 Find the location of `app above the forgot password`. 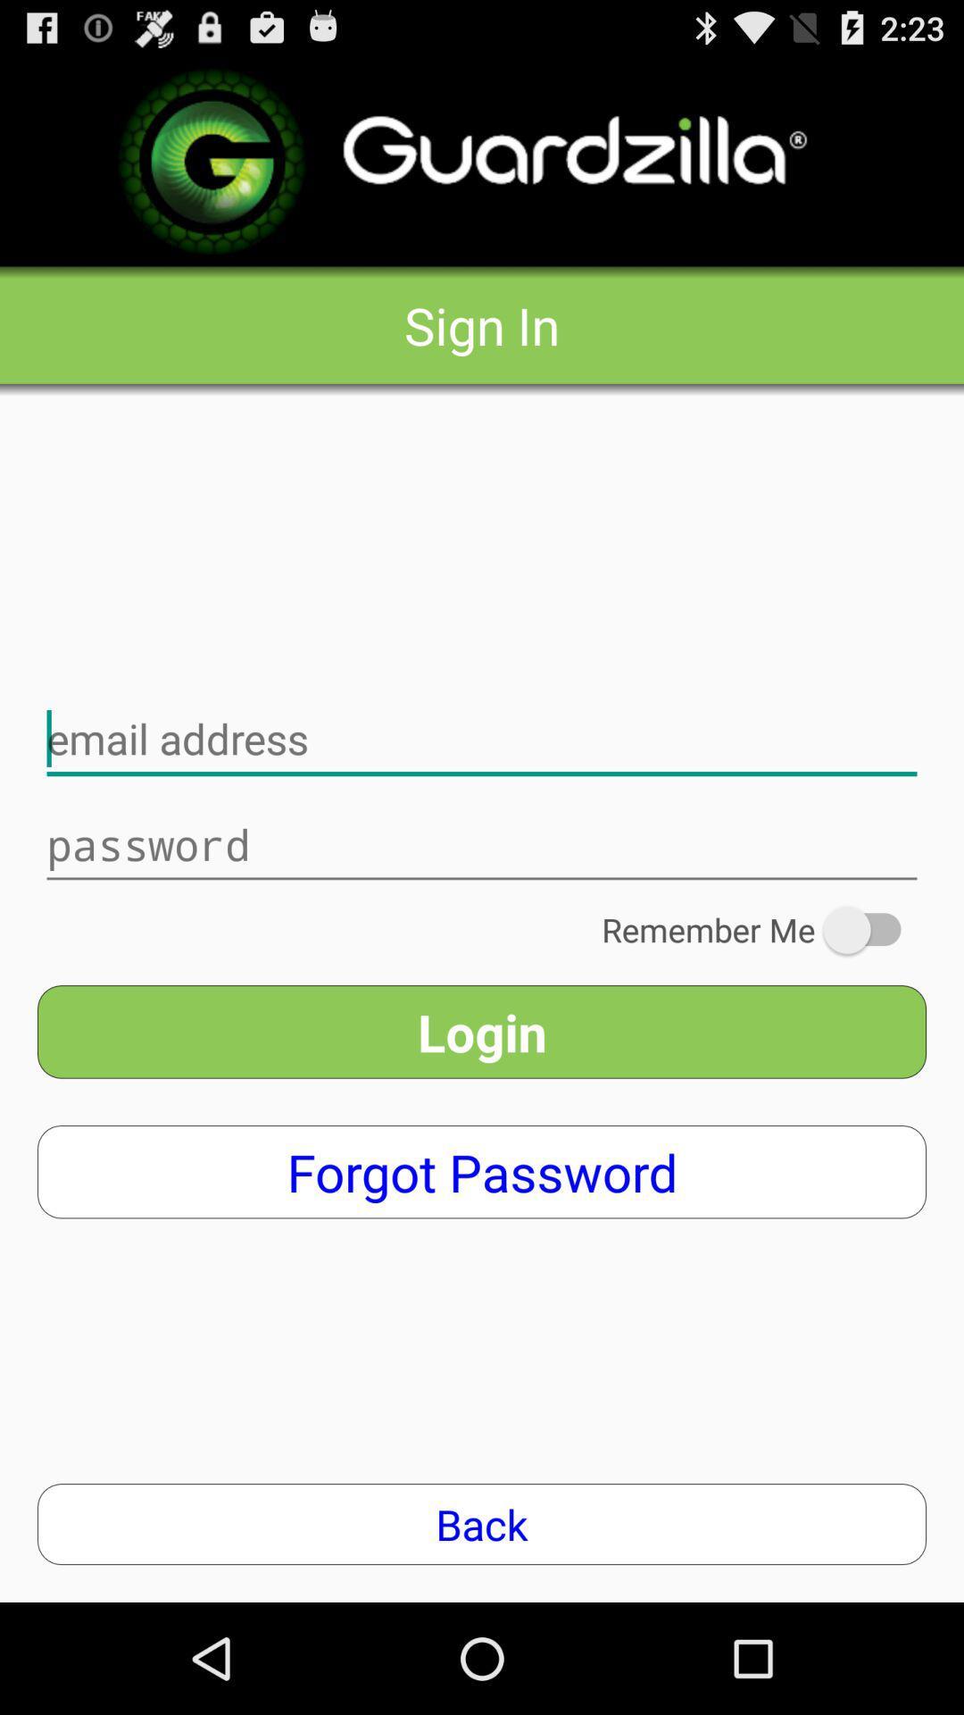

app above the forgot password is located at coordinates (482, 1032).